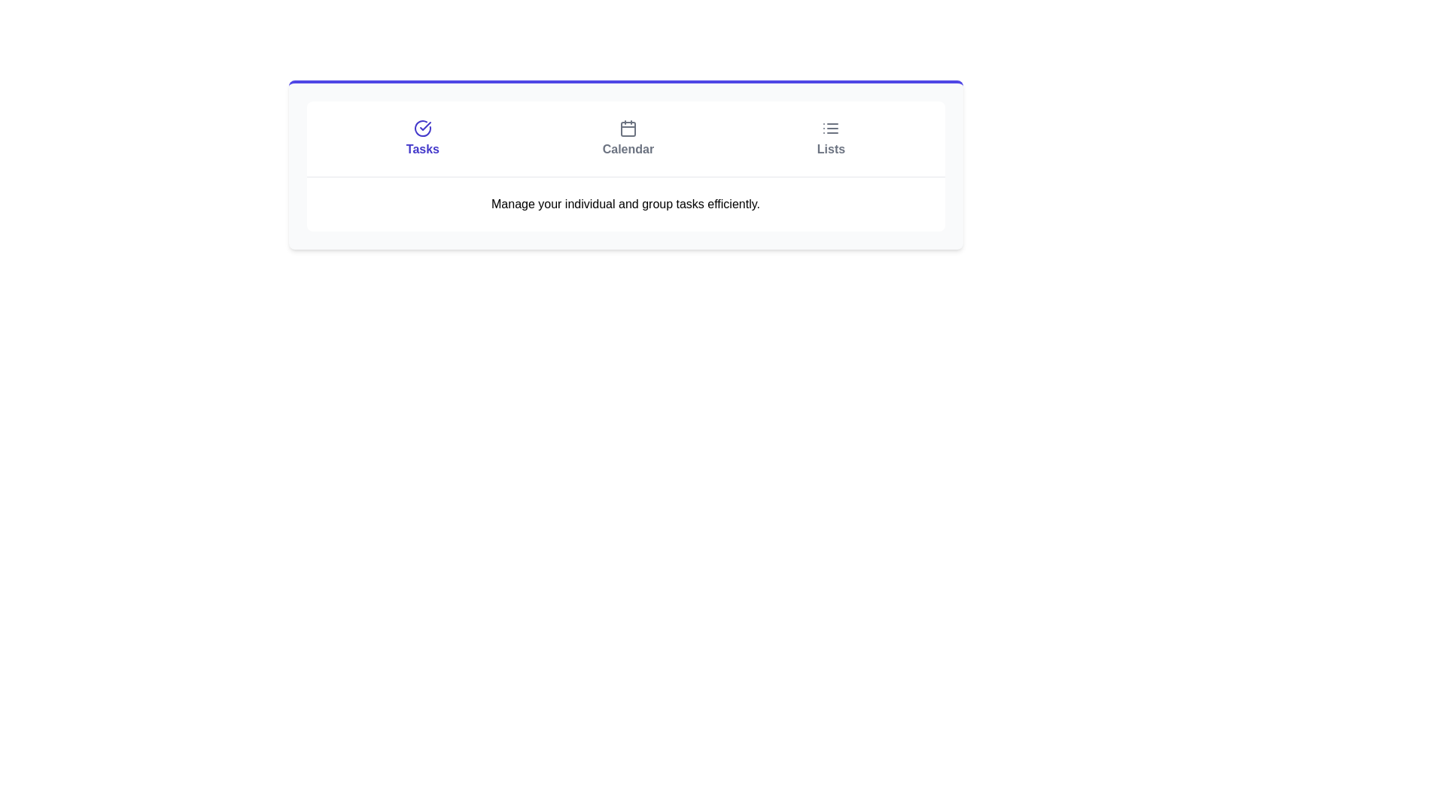 The width and height of the screenshot is (1445, 812). I want to click on the 'Lists' label inside the rightmost button of the top row, so click(830, 150).